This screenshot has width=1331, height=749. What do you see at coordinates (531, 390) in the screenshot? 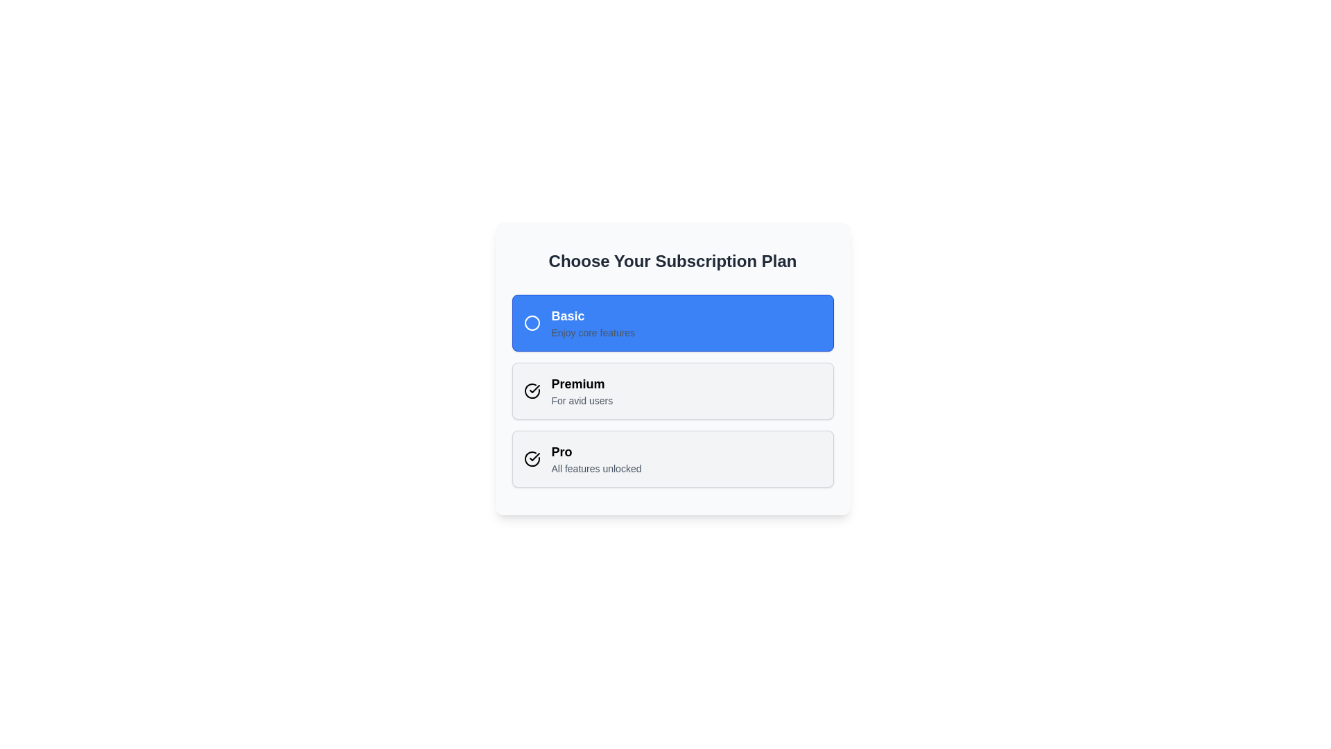
I see `the circular icon with a checkmark inside it, located in the leftmost section of the 'Premium' selection panel` at bounding box center [531, 390].